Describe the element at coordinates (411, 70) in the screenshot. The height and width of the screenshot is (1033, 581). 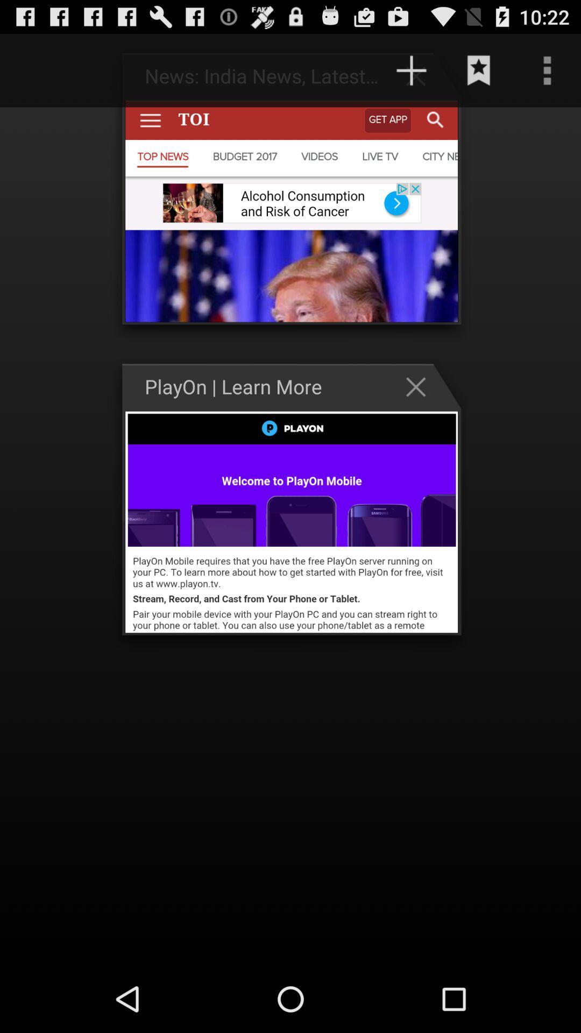
I see `the button above get app` at that location.